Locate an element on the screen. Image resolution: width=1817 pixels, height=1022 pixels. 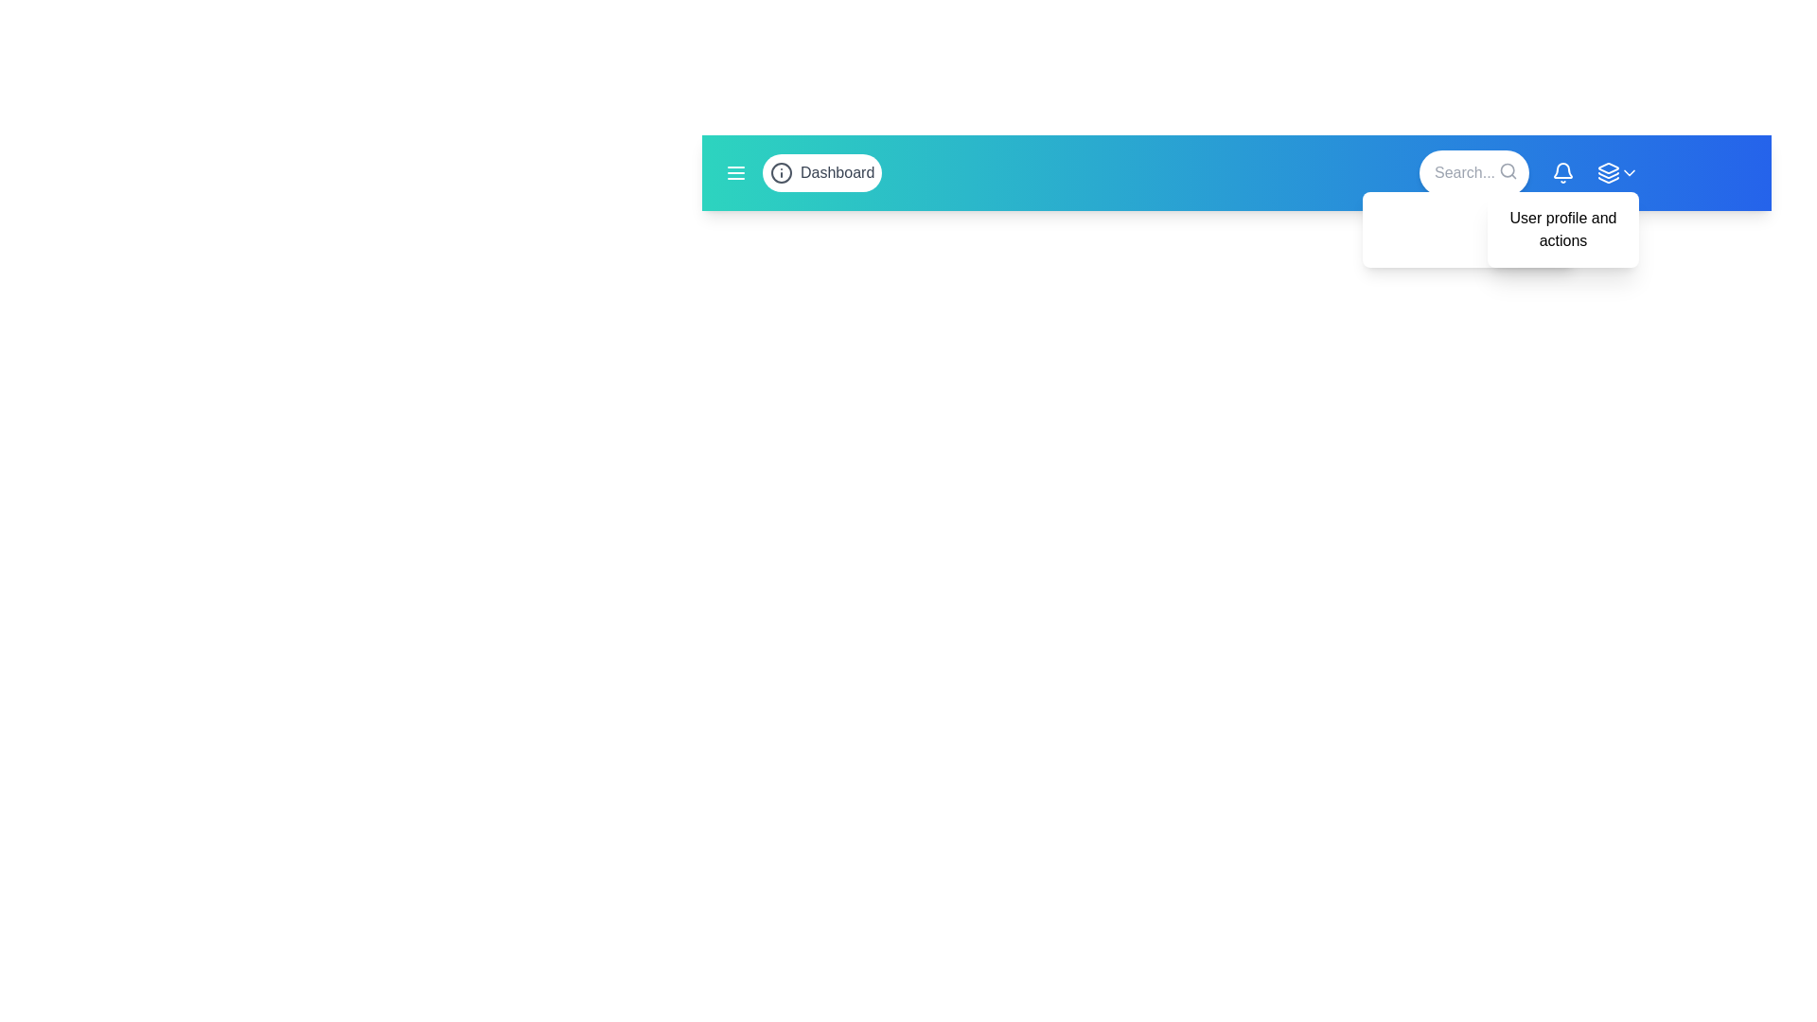
the user profile icon located towards the right end of the navigation bar, adjacent to the notification icon and downward triangle icon is located at coordinates (1616, 172).